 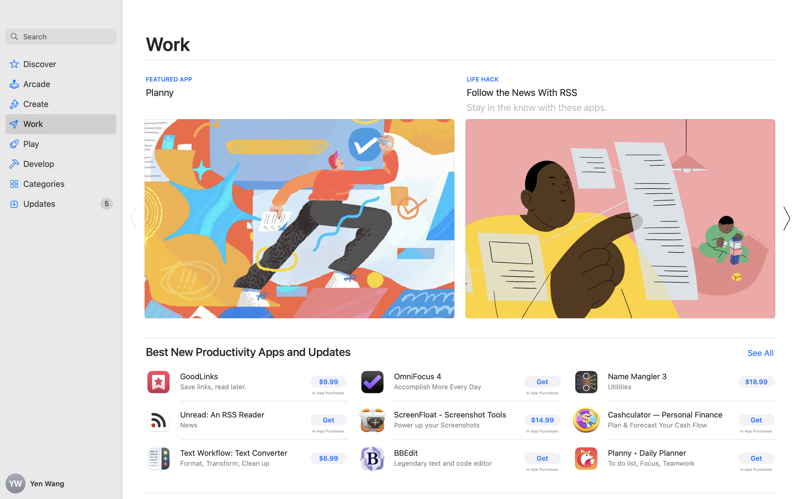 What do you see at coordinates (61, 483) in the screenshot?
I see `'Yen Wang'` at bounding box center [61, 483].